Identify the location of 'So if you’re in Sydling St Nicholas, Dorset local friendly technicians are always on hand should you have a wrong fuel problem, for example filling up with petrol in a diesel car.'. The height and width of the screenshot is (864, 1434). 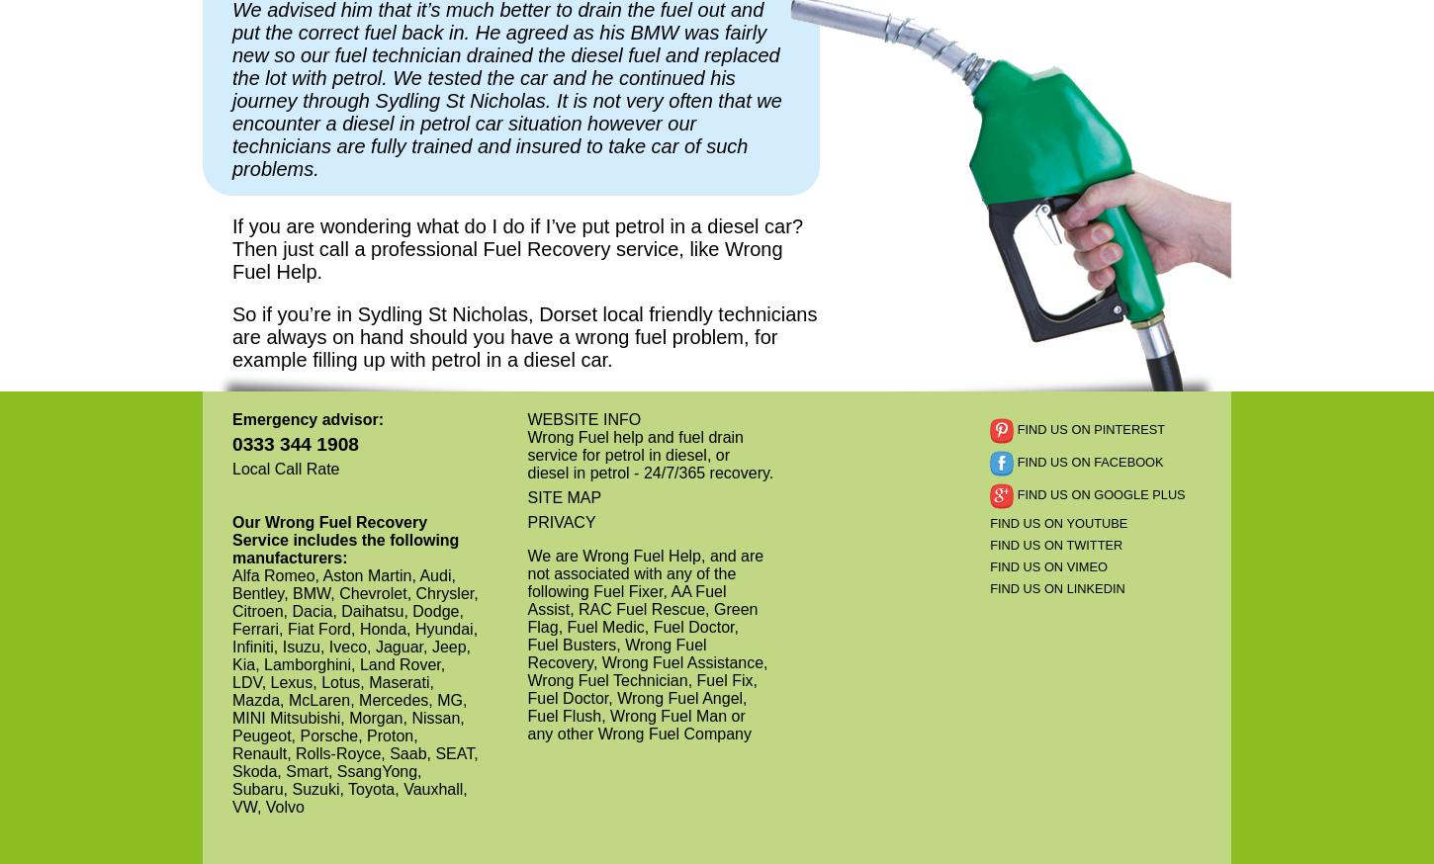
(524, 334).